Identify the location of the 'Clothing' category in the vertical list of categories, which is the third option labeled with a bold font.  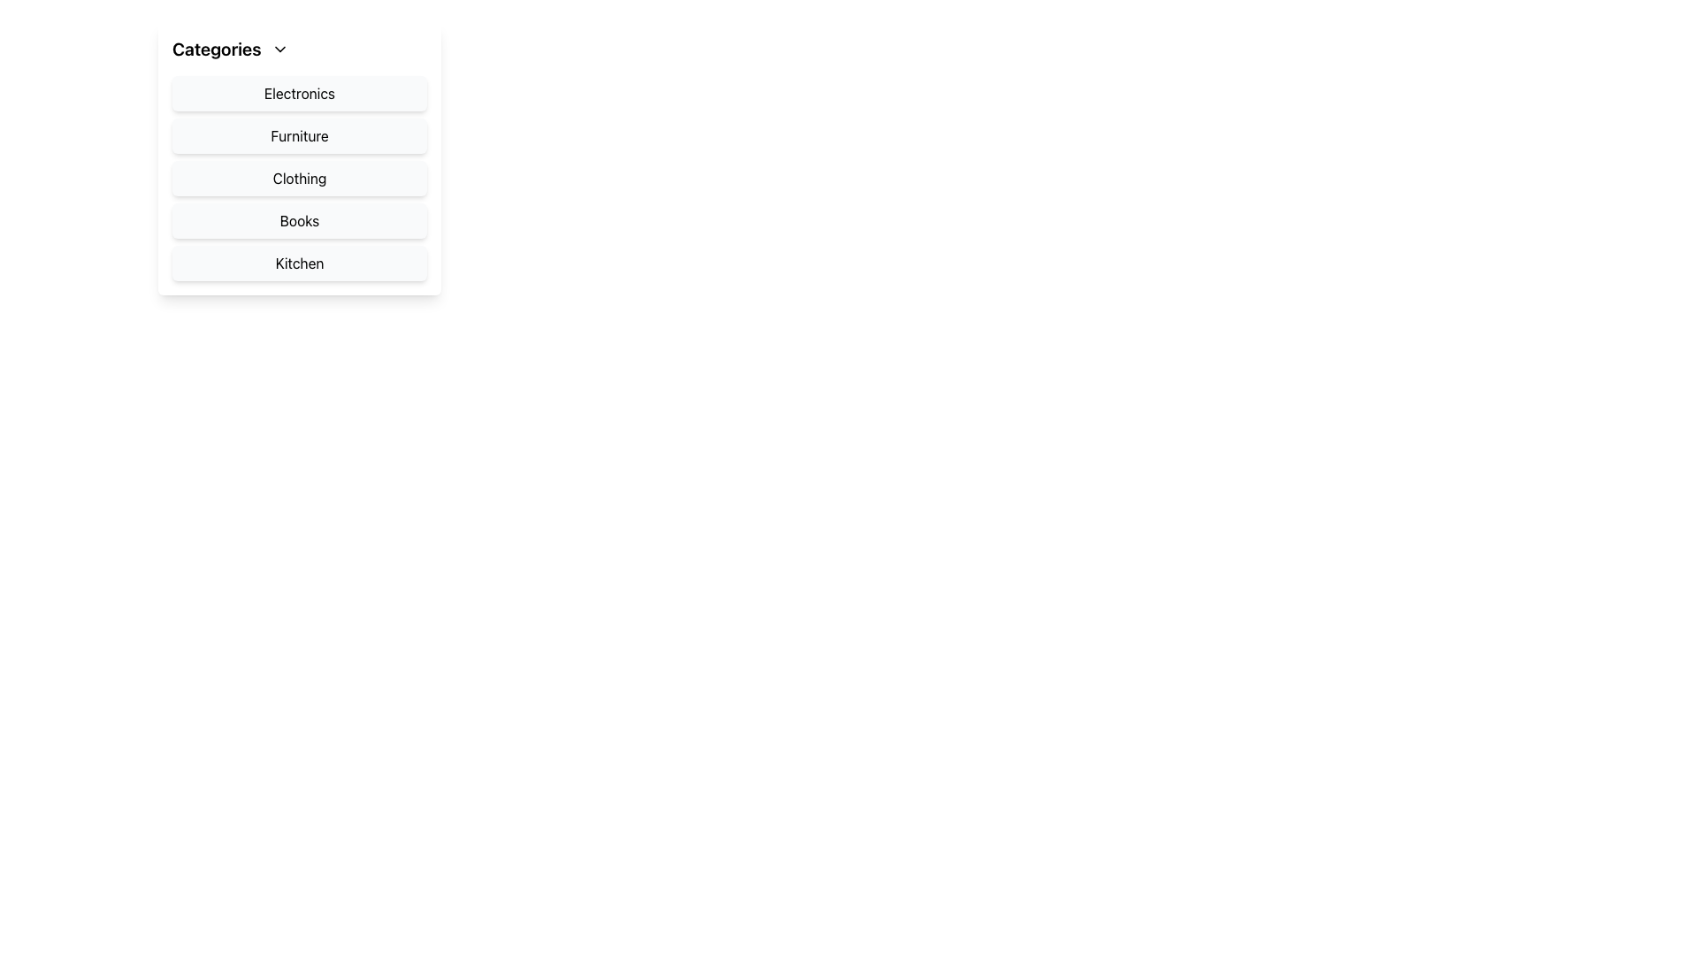
(300, 159).